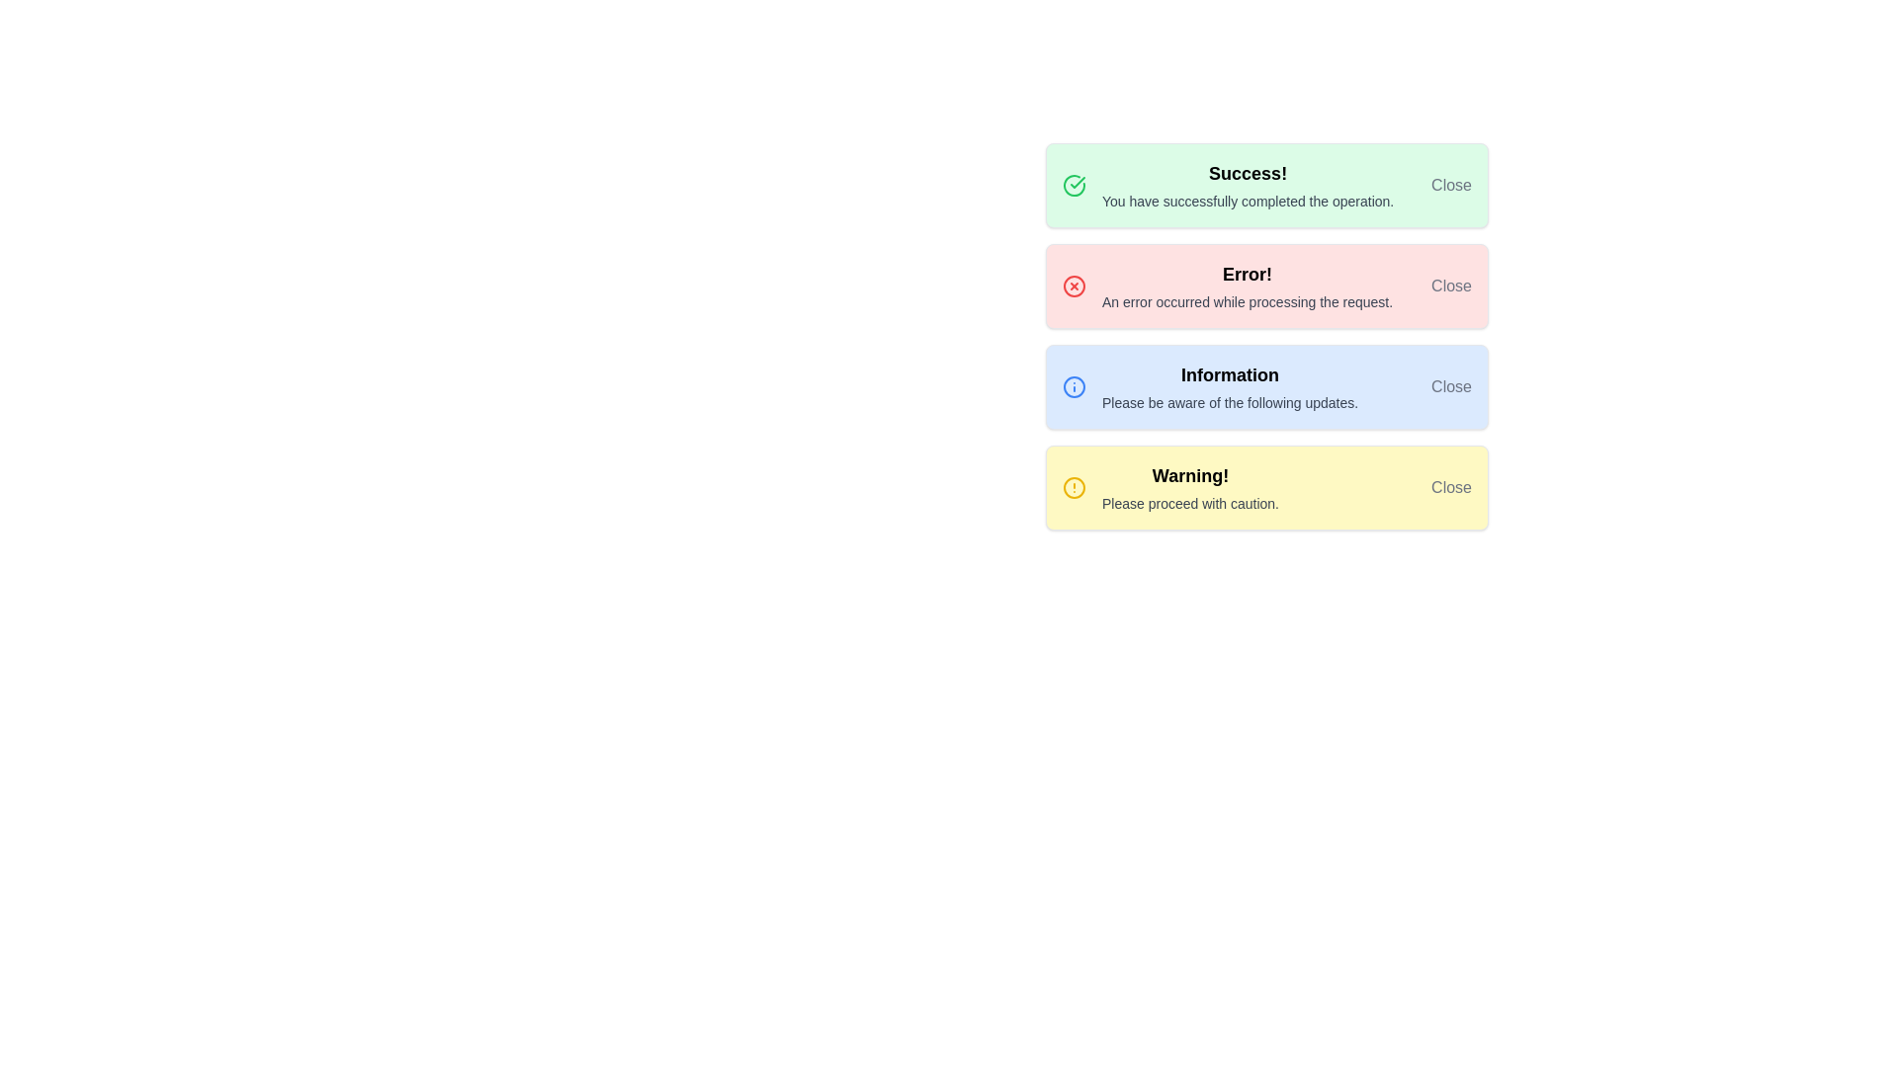 The width and height of the screenshot is (1898, 1067). I want to click on the 'Information' text label located at the top of the blue notification card in the third notification section, which helps distinguish different types of alerts, so click(1229, 375).